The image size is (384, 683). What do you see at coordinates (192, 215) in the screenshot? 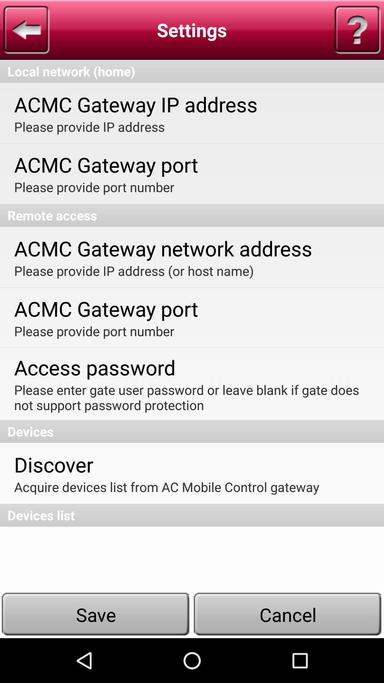
I see `the remote access item` at bounding box center [192, 215].